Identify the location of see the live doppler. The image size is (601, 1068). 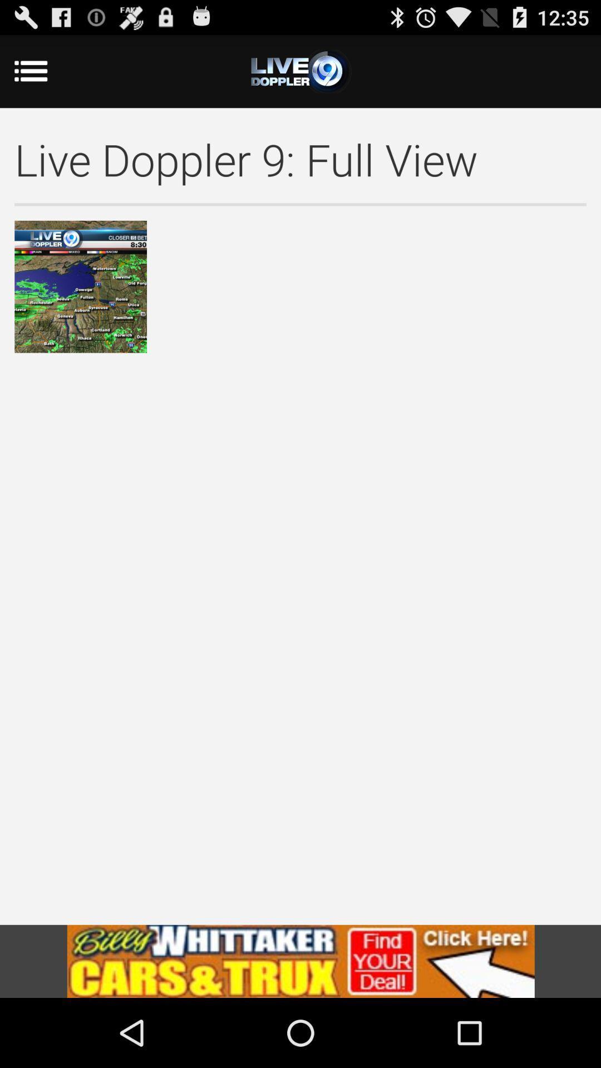
(300, 71).